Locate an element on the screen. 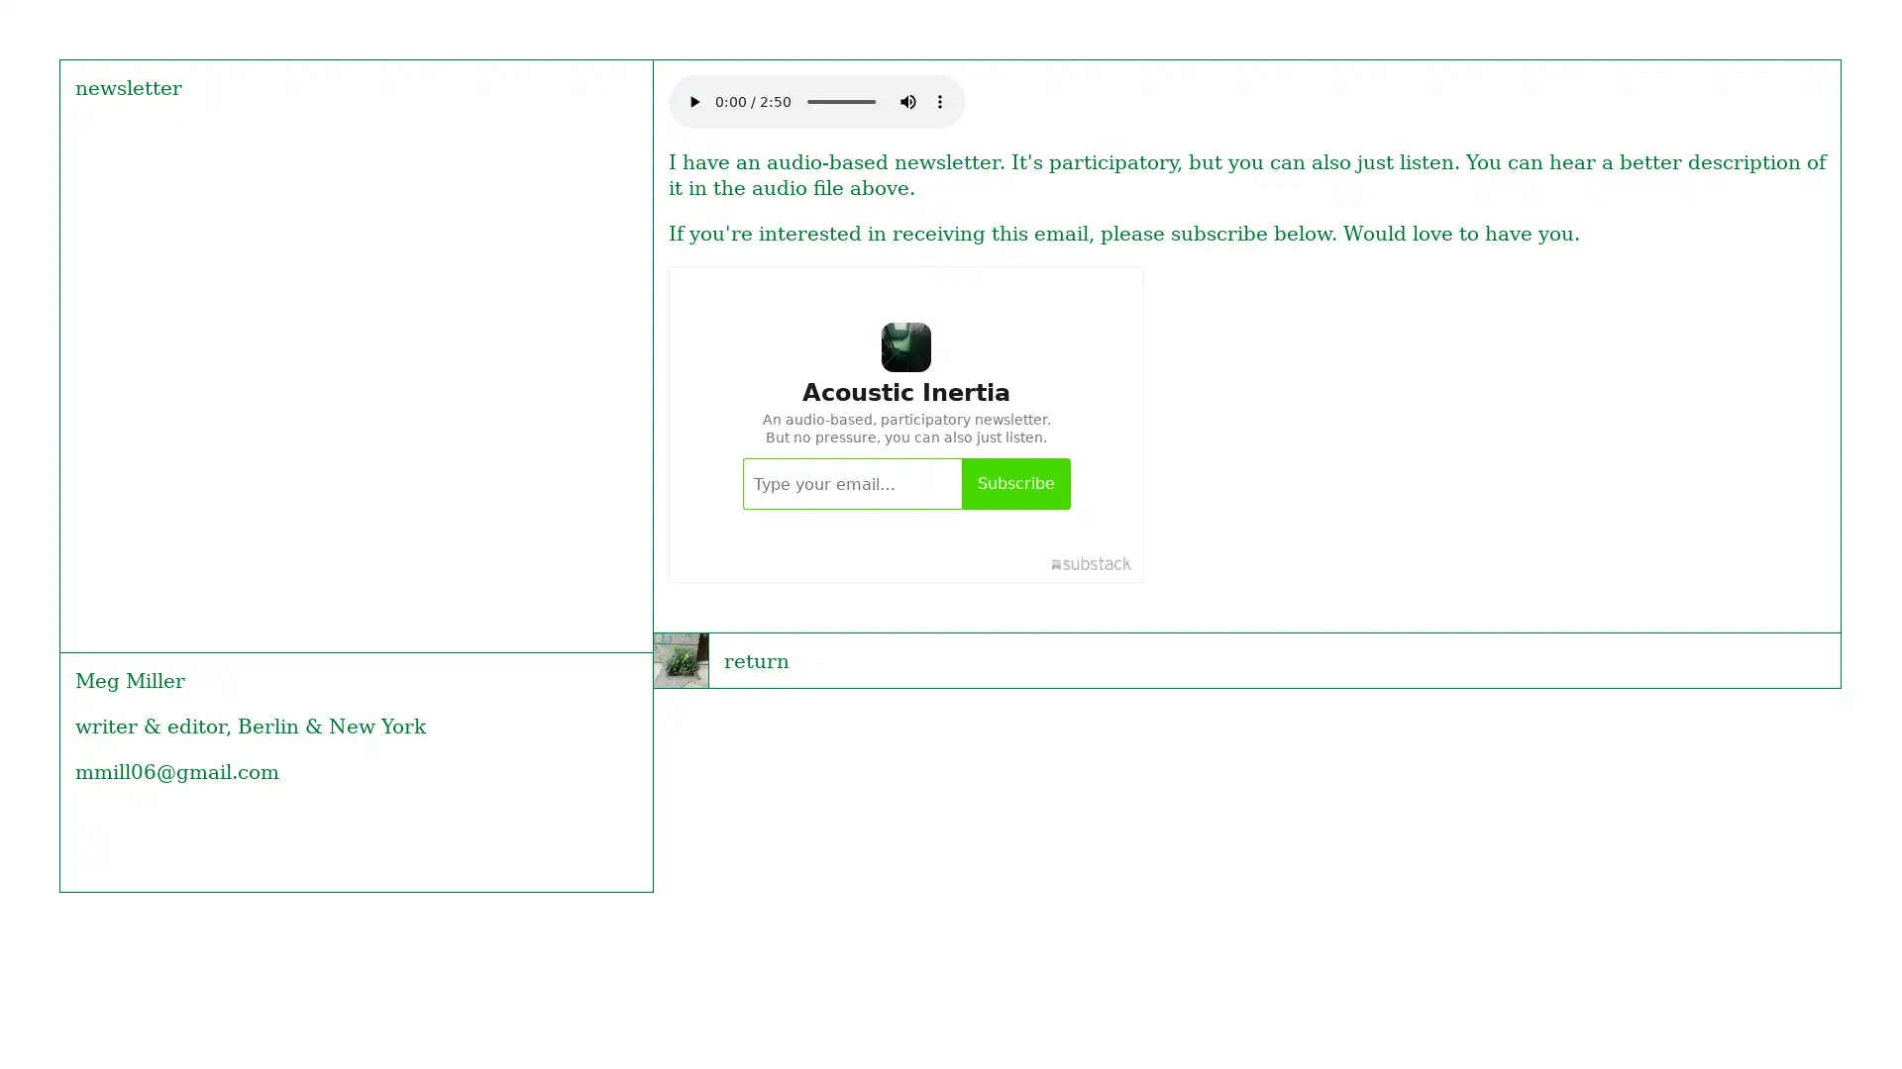 The image size is (1902, 1069). play is located at coordinates (693, 100).